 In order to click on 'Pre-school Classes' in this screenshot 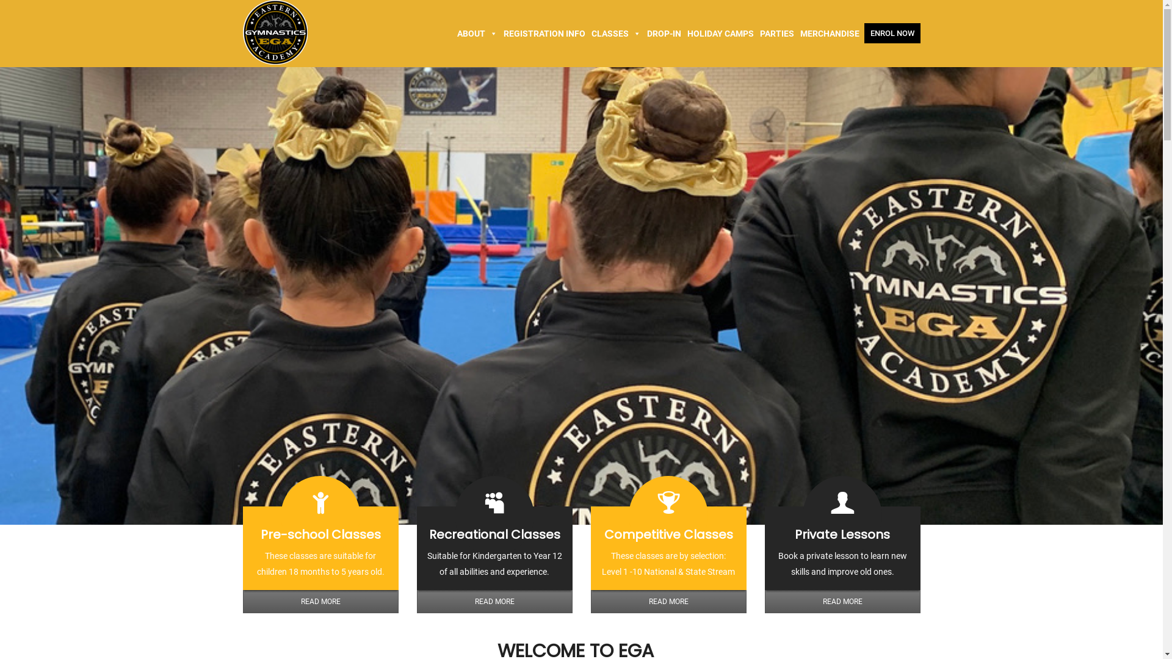, I will do `click(320, 533)`.